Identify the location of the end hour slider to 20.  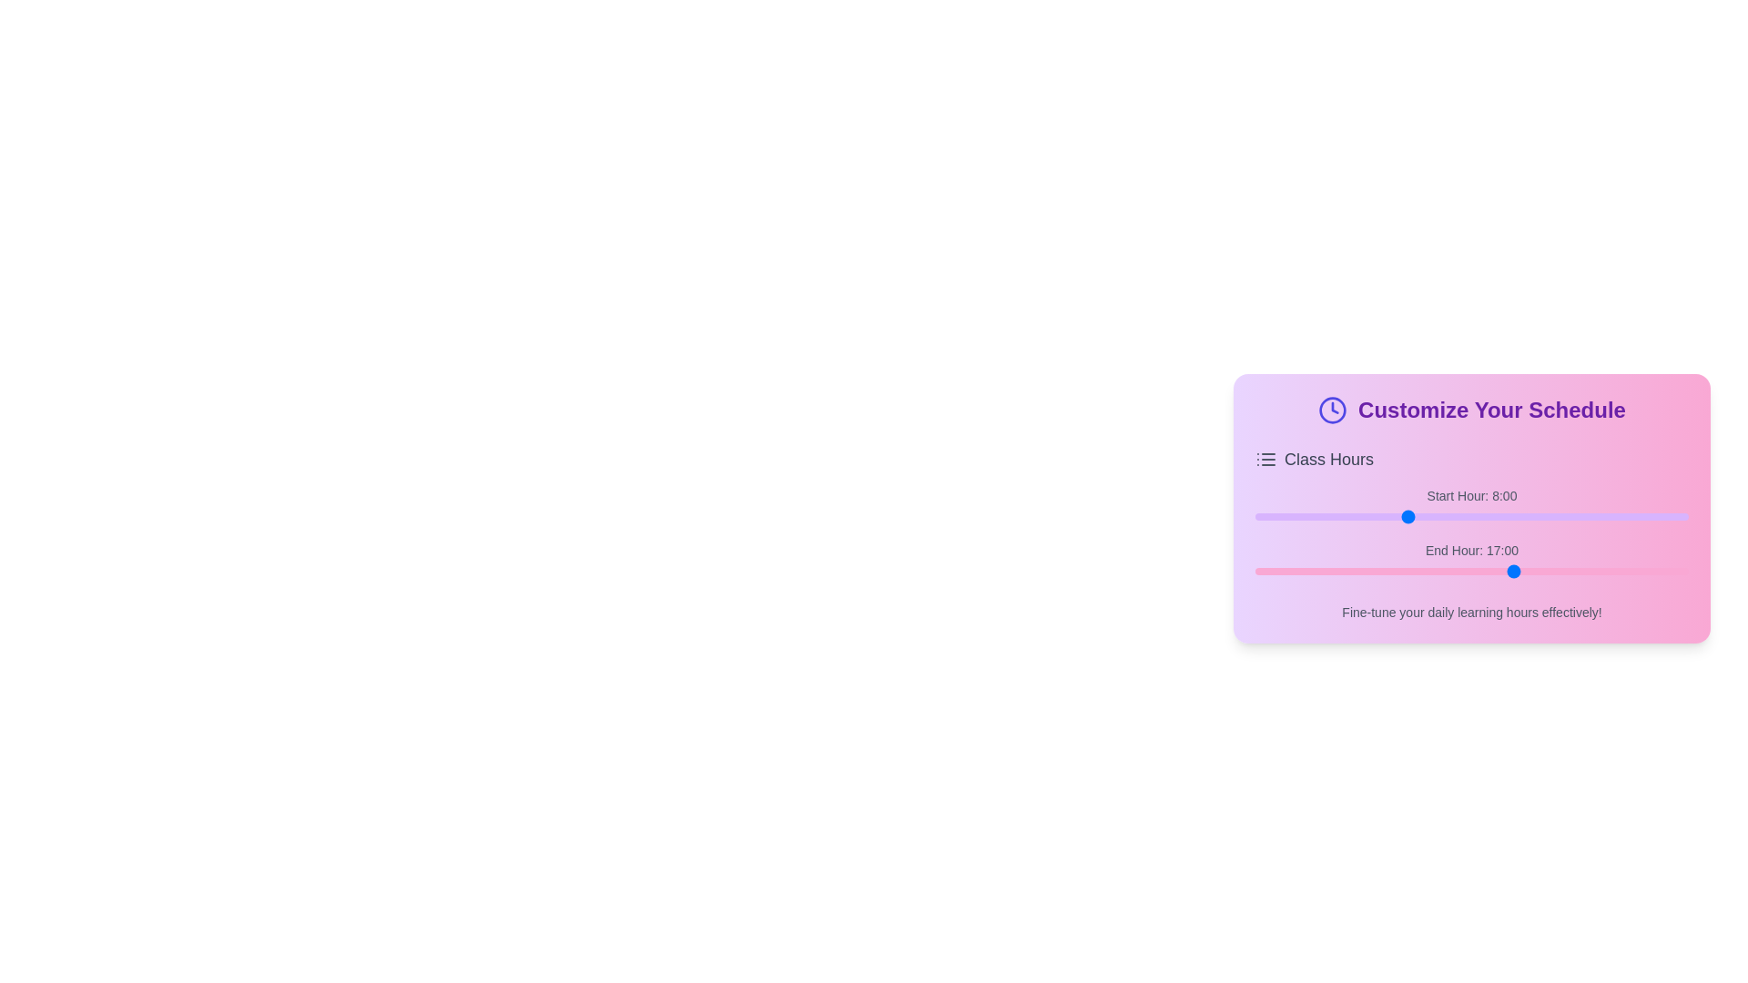
(1601, 571).